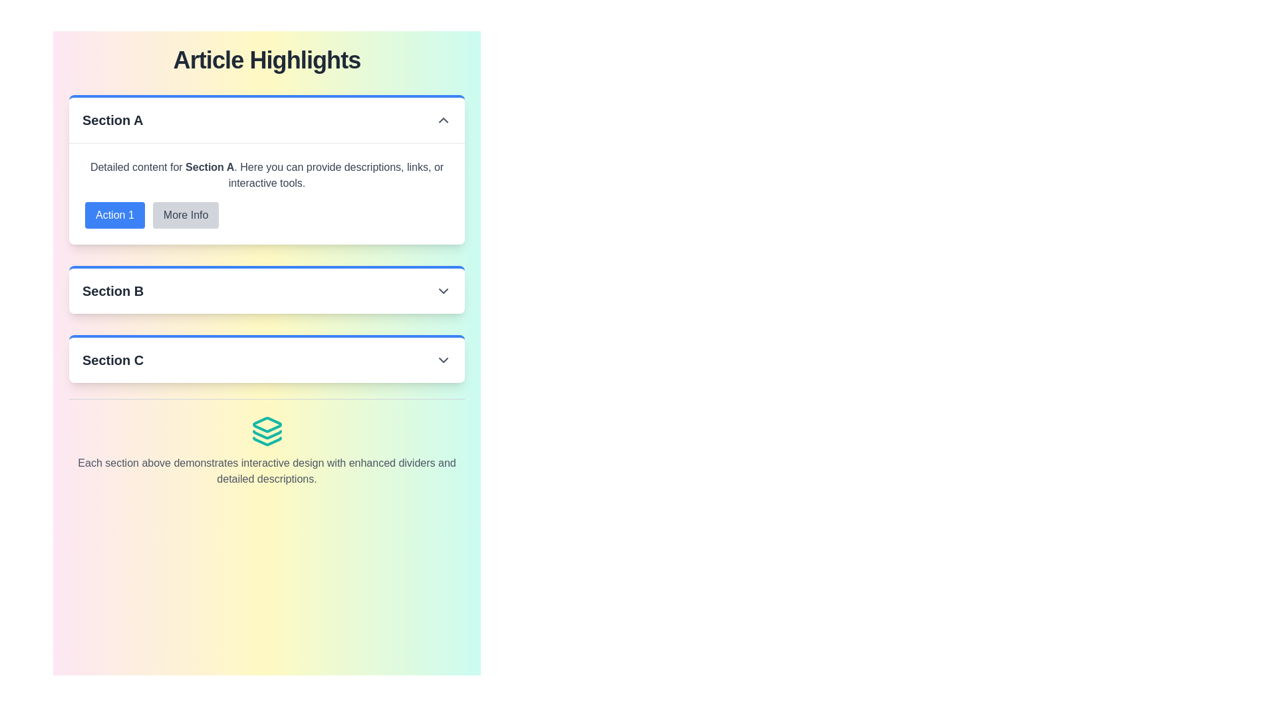 This screenshot has width=1277, height=718. What do you see at coordinates (444, 291) in the screenshot?
I see `the downward chevron icon located to the far right of the 'Section B' header text` at bounding box center [444, 291].